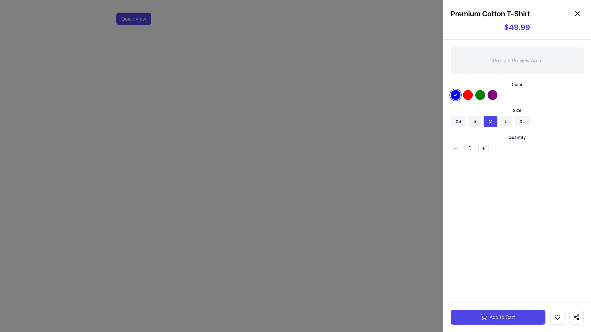  Describe the element at coordinates (517, 121) in the screenshot. I see `the size option button group labeled 'XS', 'S', 'M', 'L', 'XL'` at that location.